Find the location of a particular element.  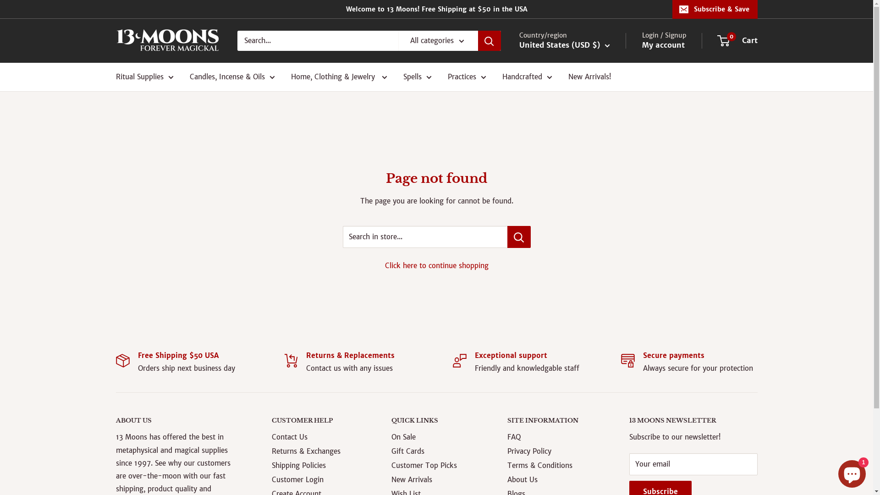

'New Arrivals!' is located at coordinates (567, 77).